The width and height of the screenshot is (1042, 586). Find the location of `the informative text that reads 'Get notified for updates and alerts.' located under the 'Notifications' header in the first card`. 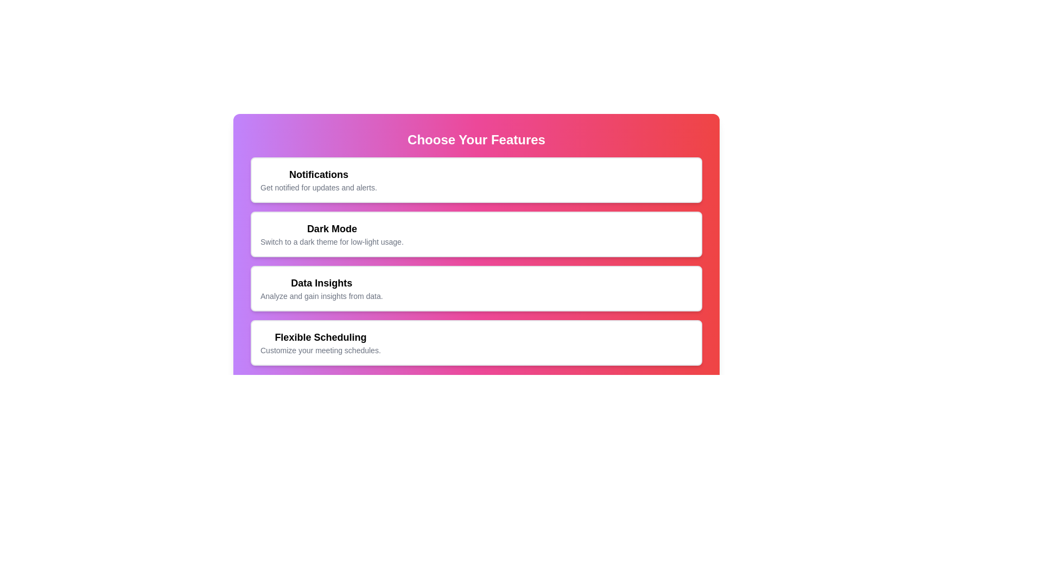

the informative text that reads 'Get notified for updates and alerts.' located under the 'Notifications' header in the first card is located at coordinates (318, 187).